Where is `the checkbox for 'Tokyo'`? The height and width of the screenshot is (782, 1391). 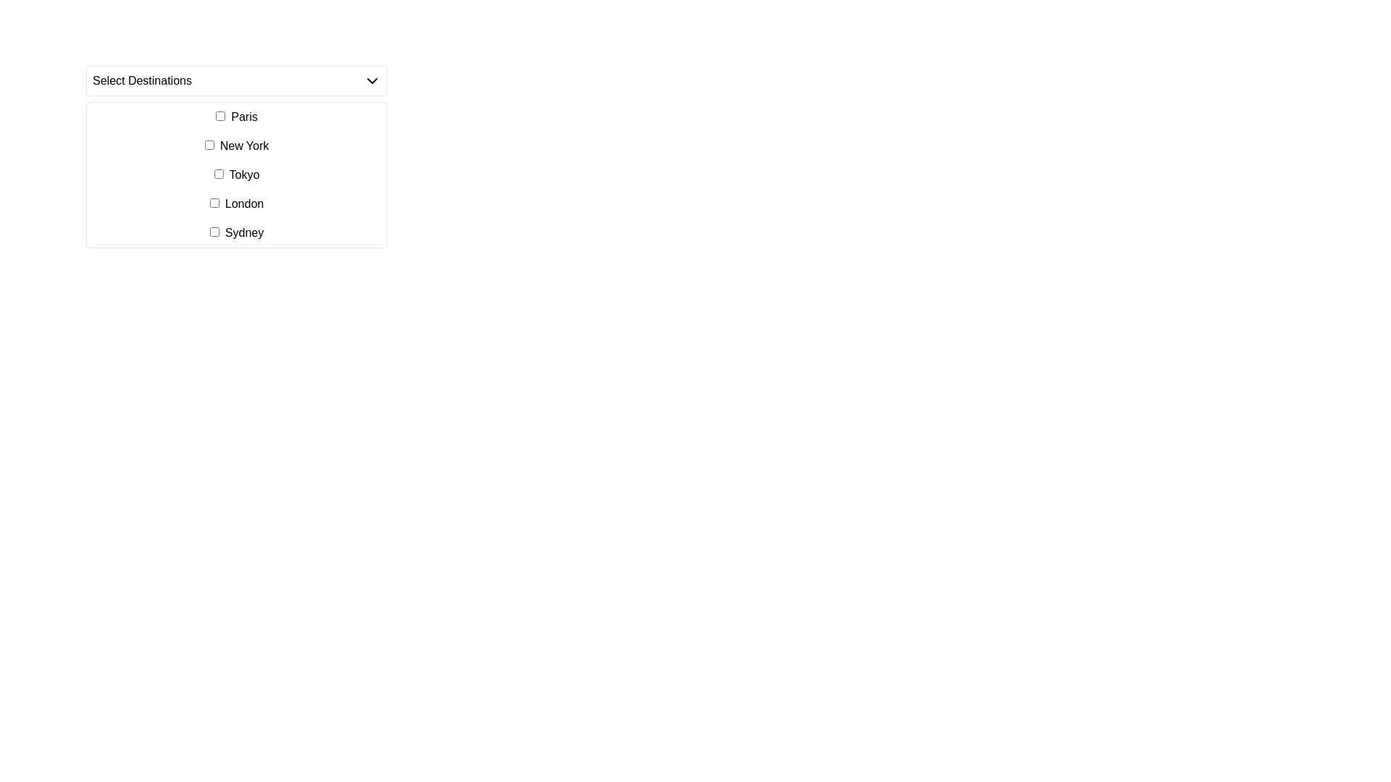 the checkbox for 'Tokyo' is located at coordinates (236, 175).